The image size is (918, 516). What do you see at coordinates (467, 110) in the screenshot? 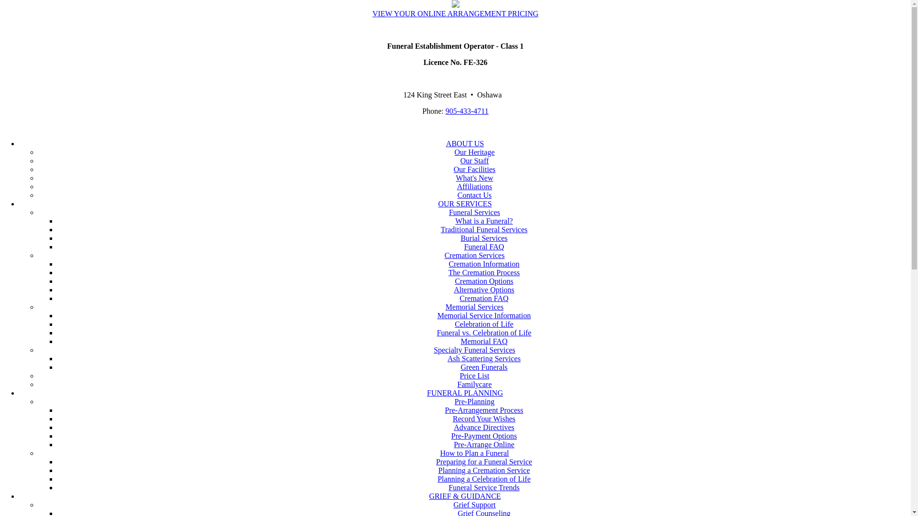
I see `'905-433-4711'` at bounding box center [467, 110].